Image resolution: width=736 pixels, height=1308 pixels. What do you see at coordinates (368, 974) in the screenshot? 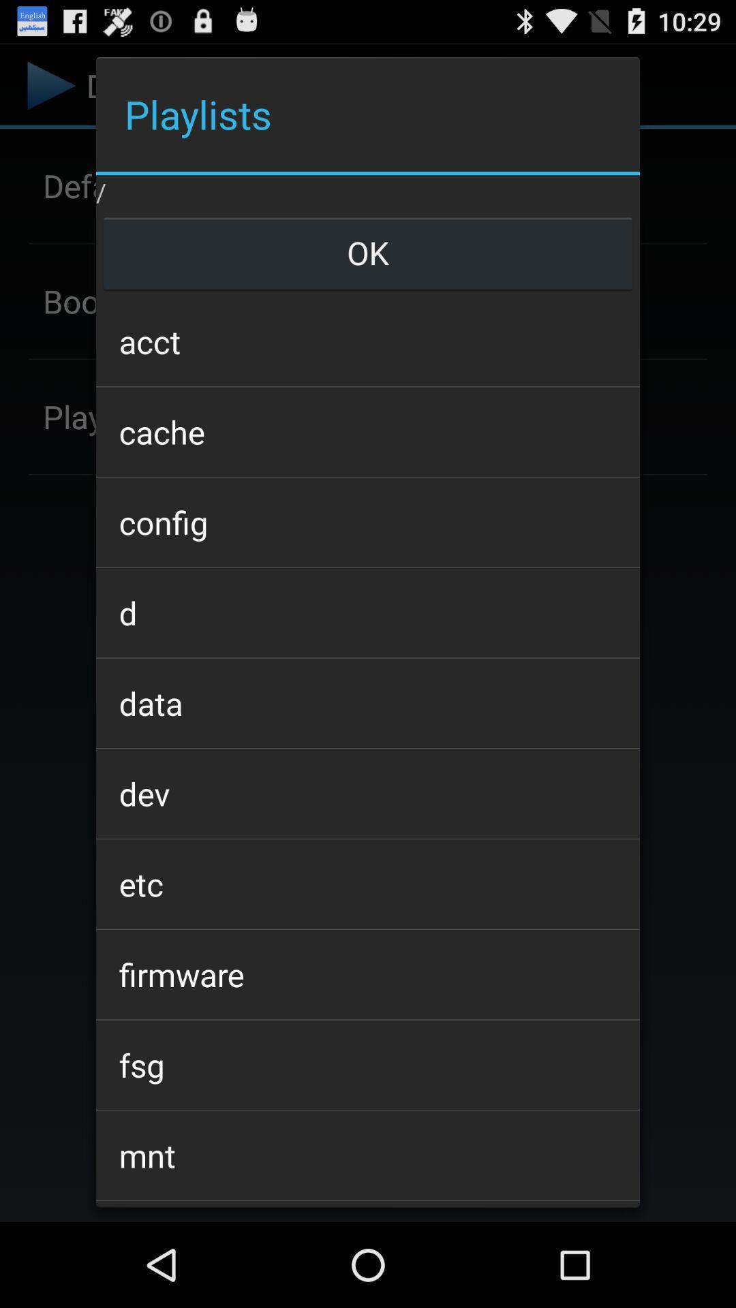
I see `app above fsg item` at bounding box center [368, 974].